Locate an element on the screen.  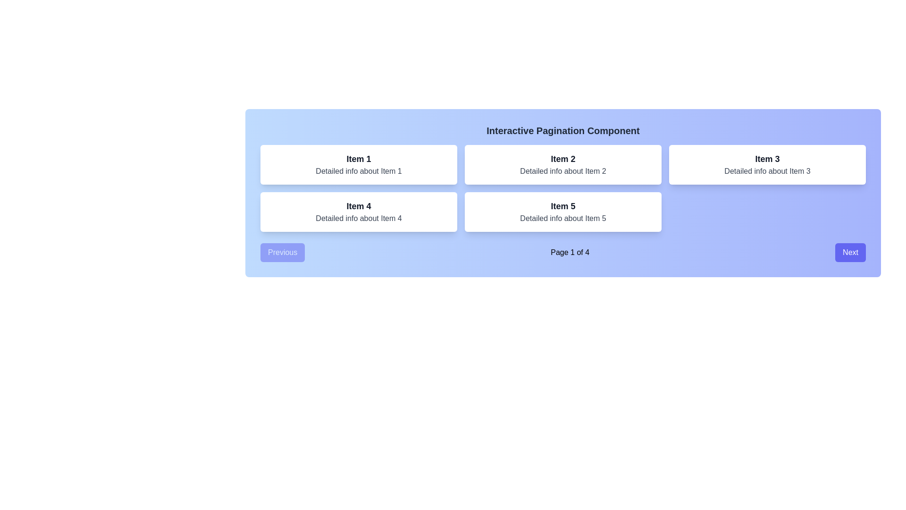
pagination text in the center of the pagination bar to understand the current page, which indicates 'Page 1 of 4' is located at coordinates (563, 252).